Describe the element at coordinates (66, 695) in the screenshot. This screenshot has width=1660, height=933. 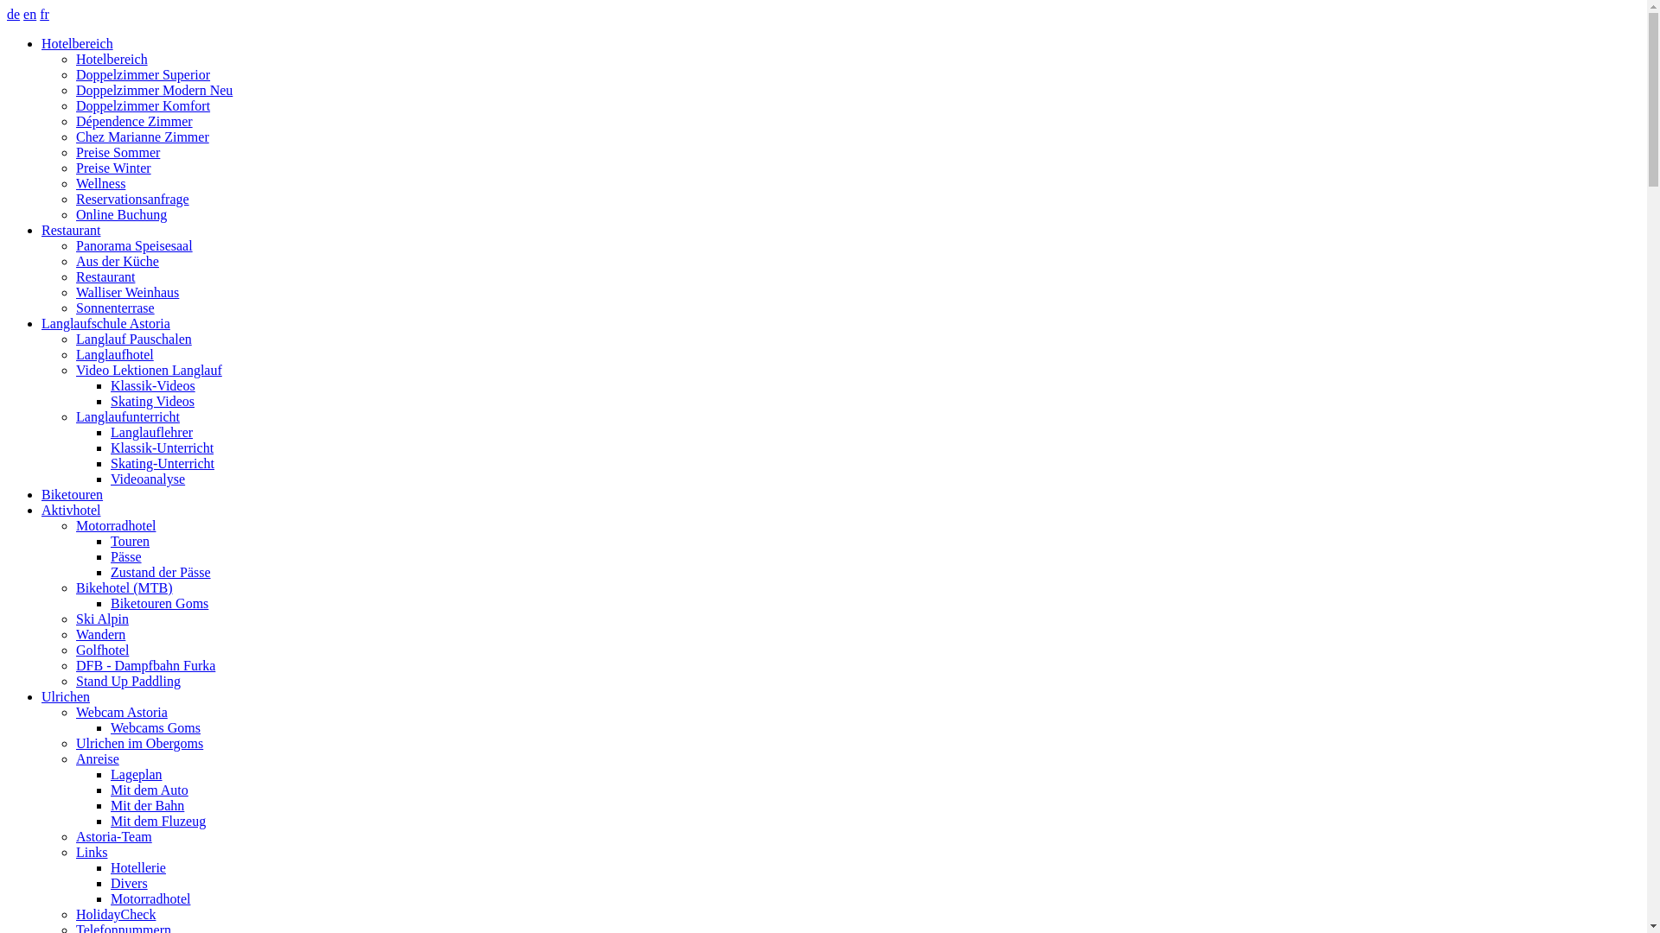
I see `'Ulrichen'` at that location.